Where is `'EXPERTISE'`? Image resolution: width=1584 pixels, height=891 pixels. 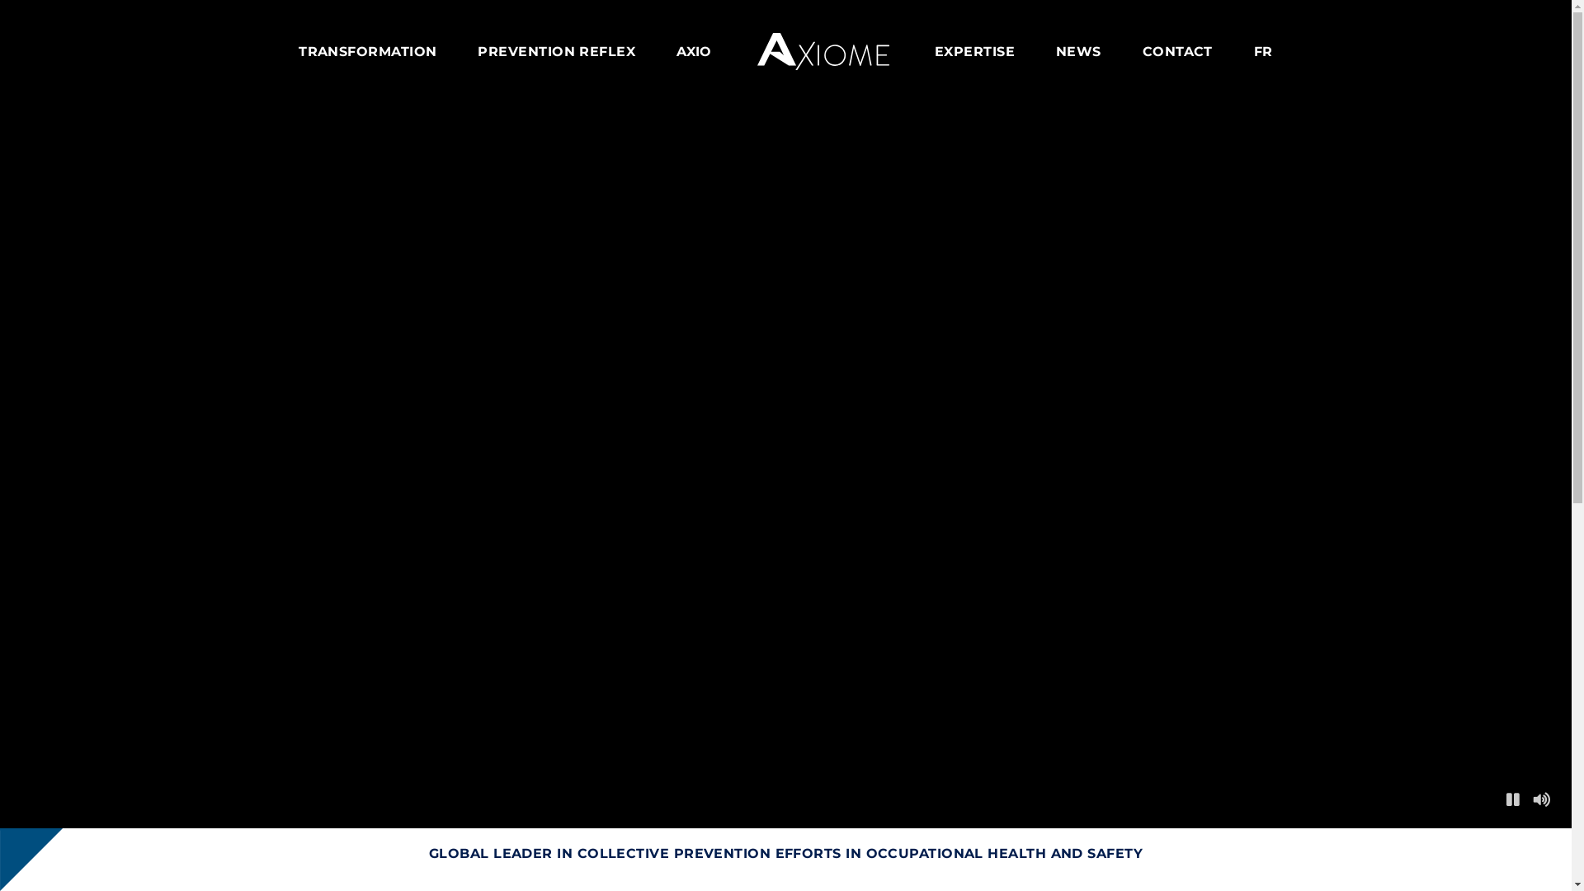
'EXPERTISE' is located at coordinates (974, 51).